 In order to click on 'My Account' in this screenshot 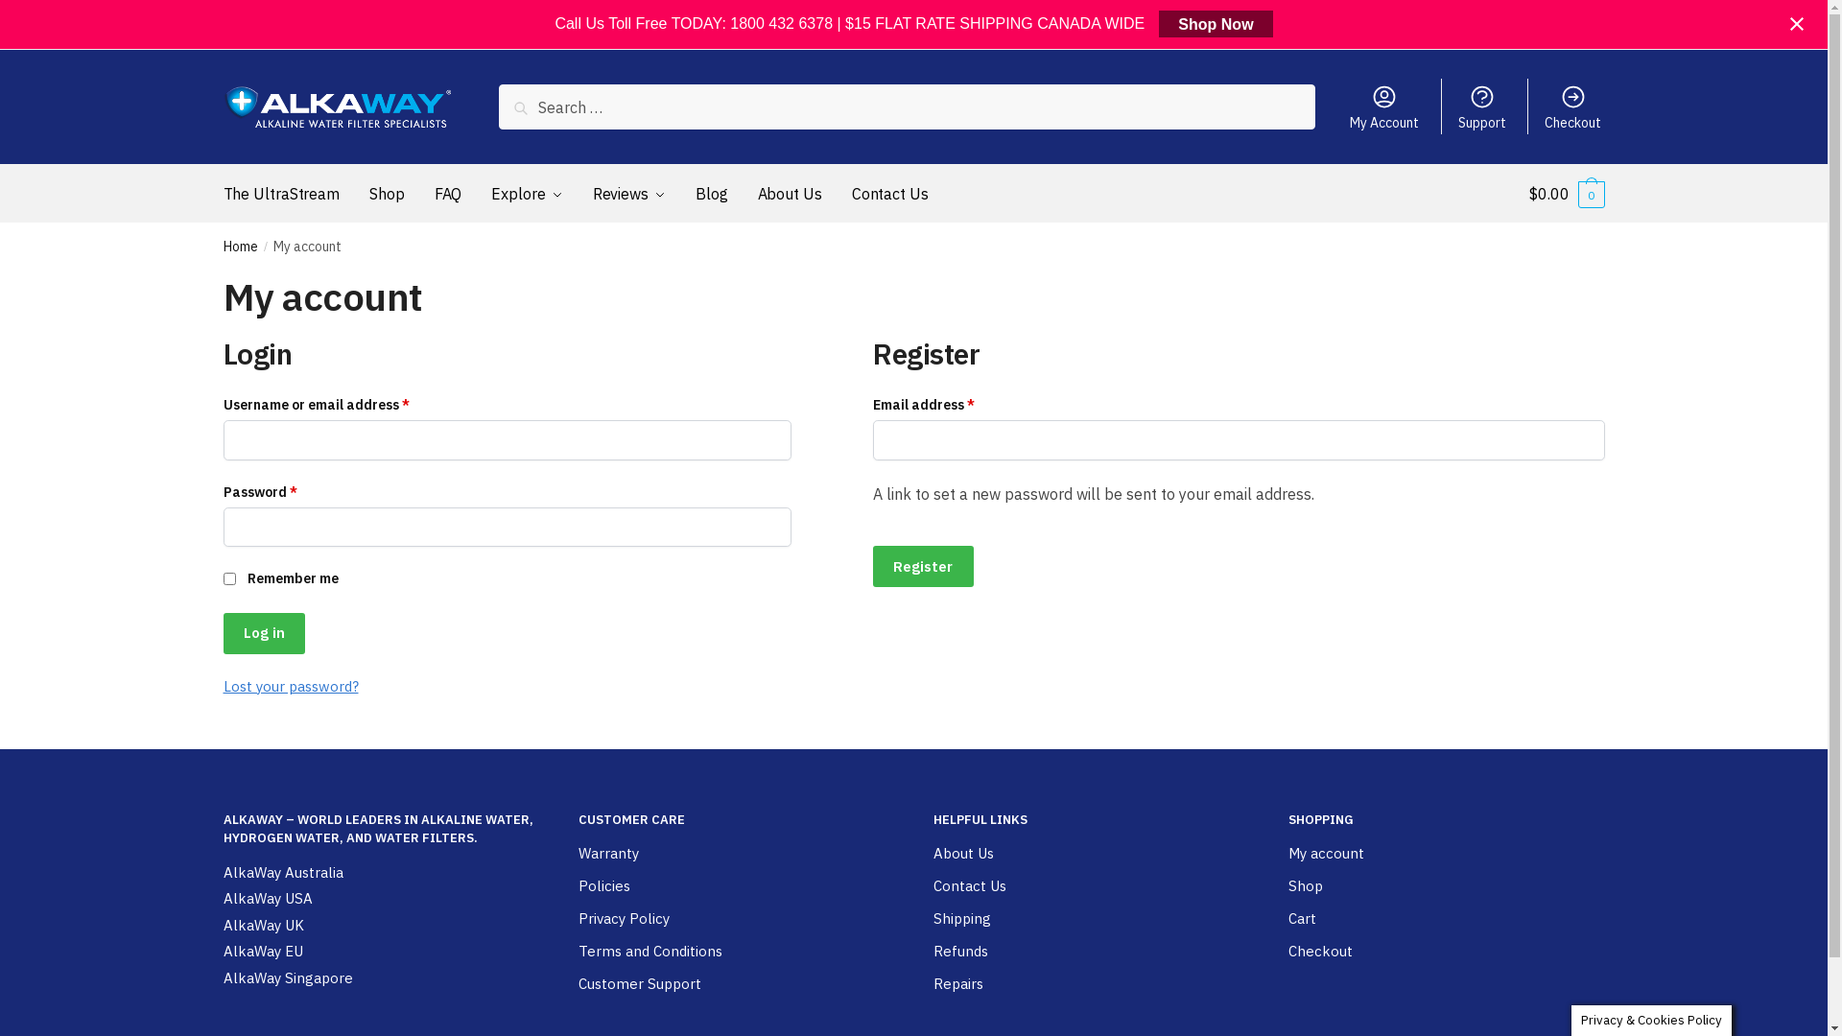, I will do `click(1384, 106)`.